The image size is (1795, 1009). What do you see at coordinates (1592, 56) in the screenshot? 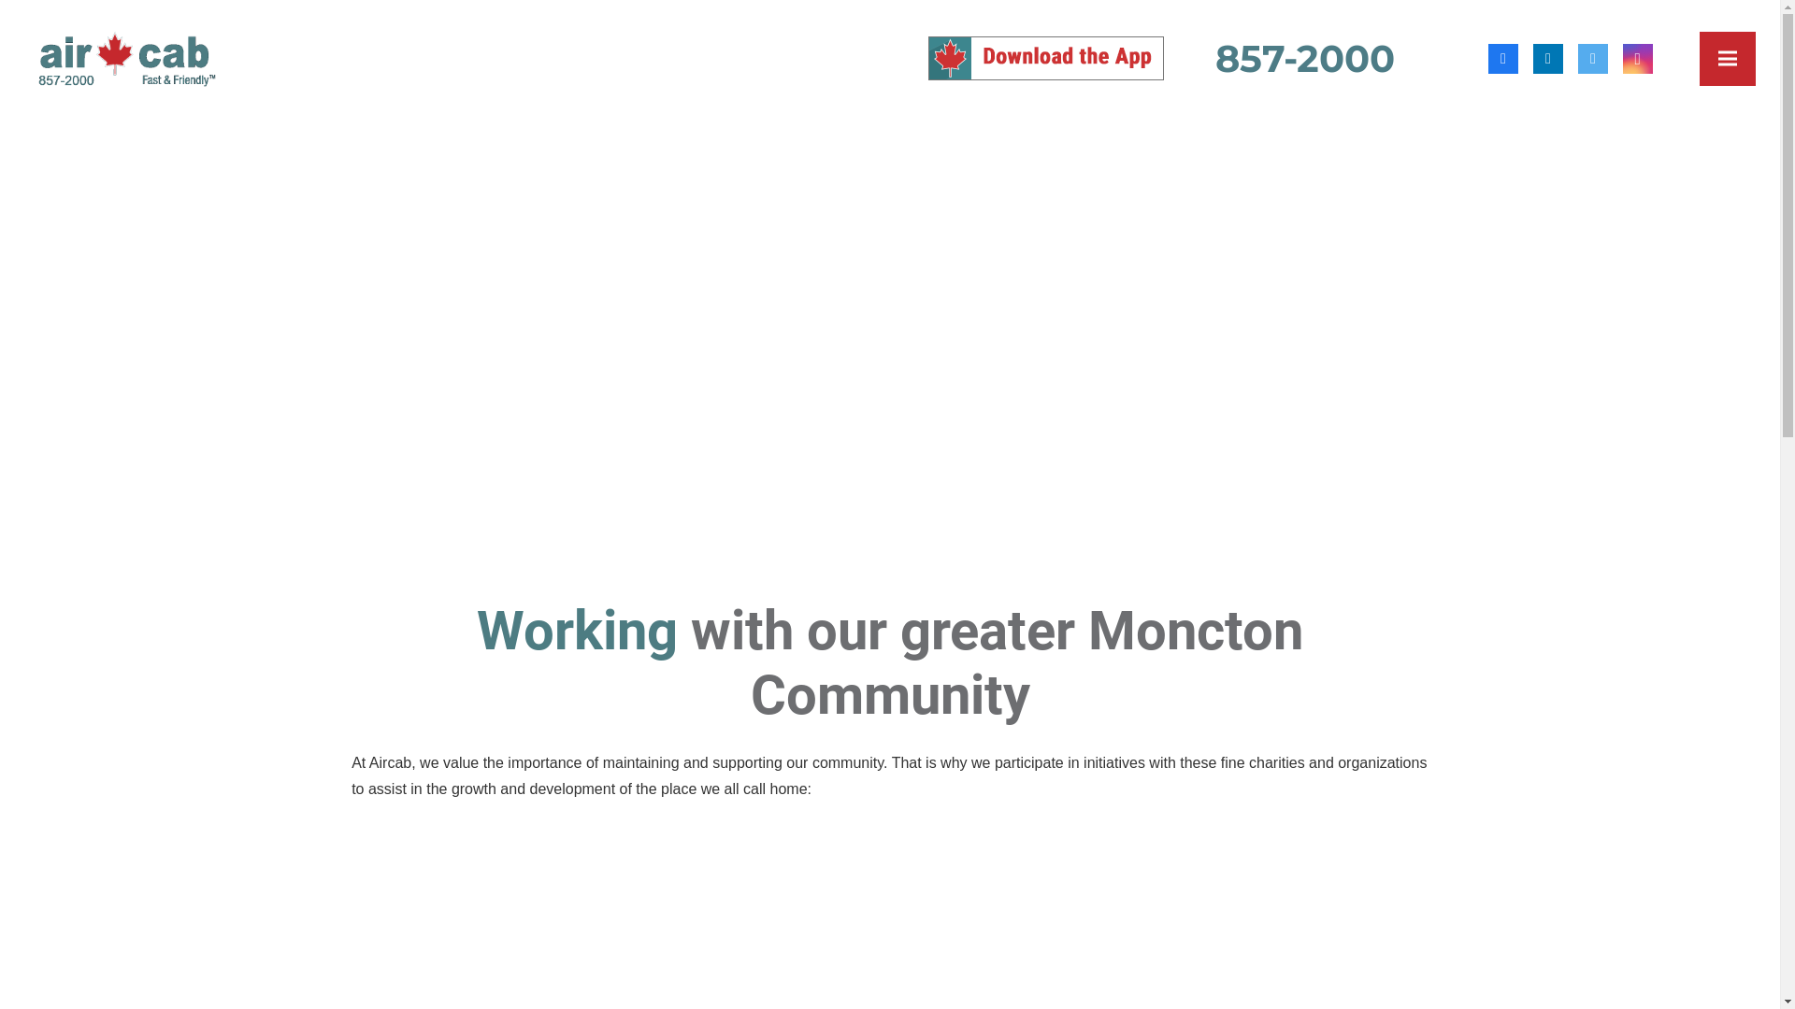
I see `'Twitter'` at bounding box center [1592, 56].